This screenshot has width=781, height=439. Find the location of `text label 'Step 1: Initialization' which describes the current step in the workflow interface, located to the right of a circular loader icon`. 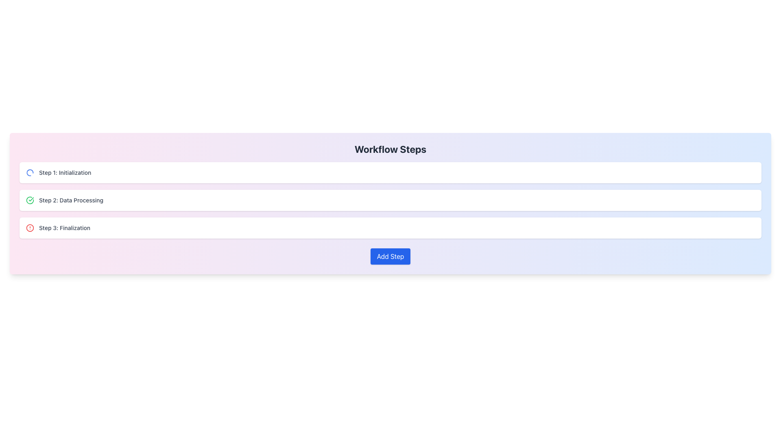

text label 'Step 1: Initialization' which describes the current step in the workflow interface, located to the right of a circular loader icon is located at coordinates (65, 172).